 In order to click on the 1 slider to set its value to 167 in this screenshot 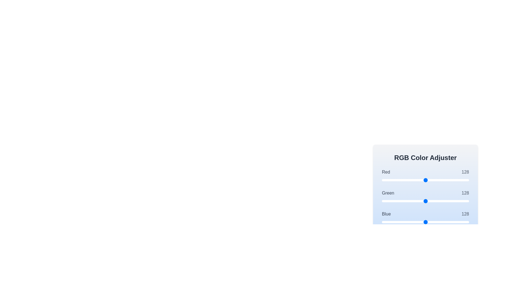, I will do `click(439, 201)`.